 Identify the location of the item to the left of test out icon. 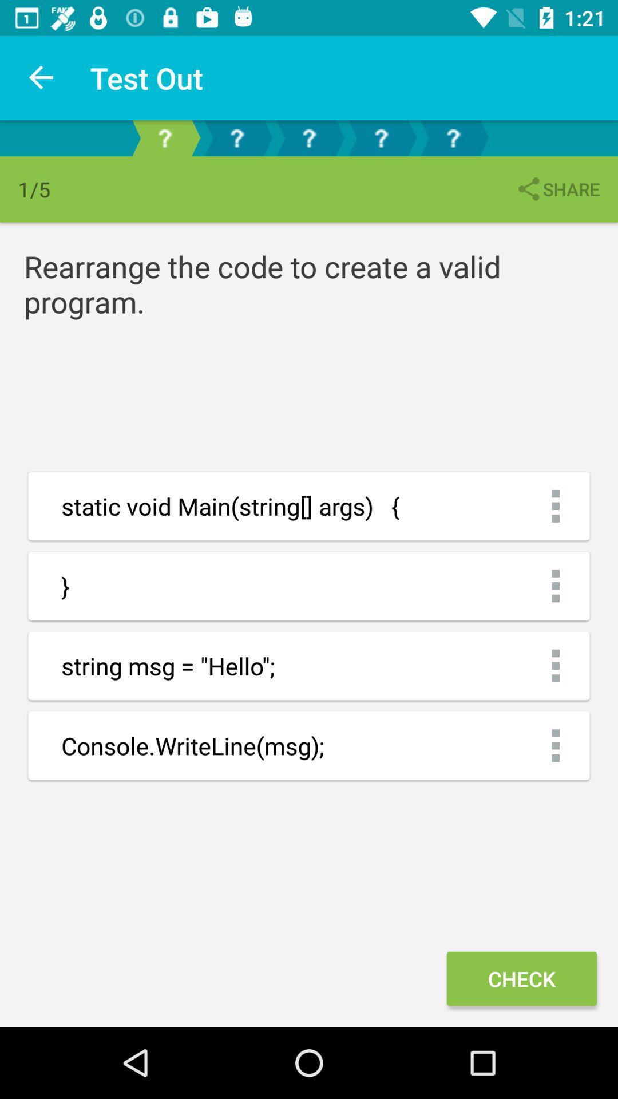
(41, 77).